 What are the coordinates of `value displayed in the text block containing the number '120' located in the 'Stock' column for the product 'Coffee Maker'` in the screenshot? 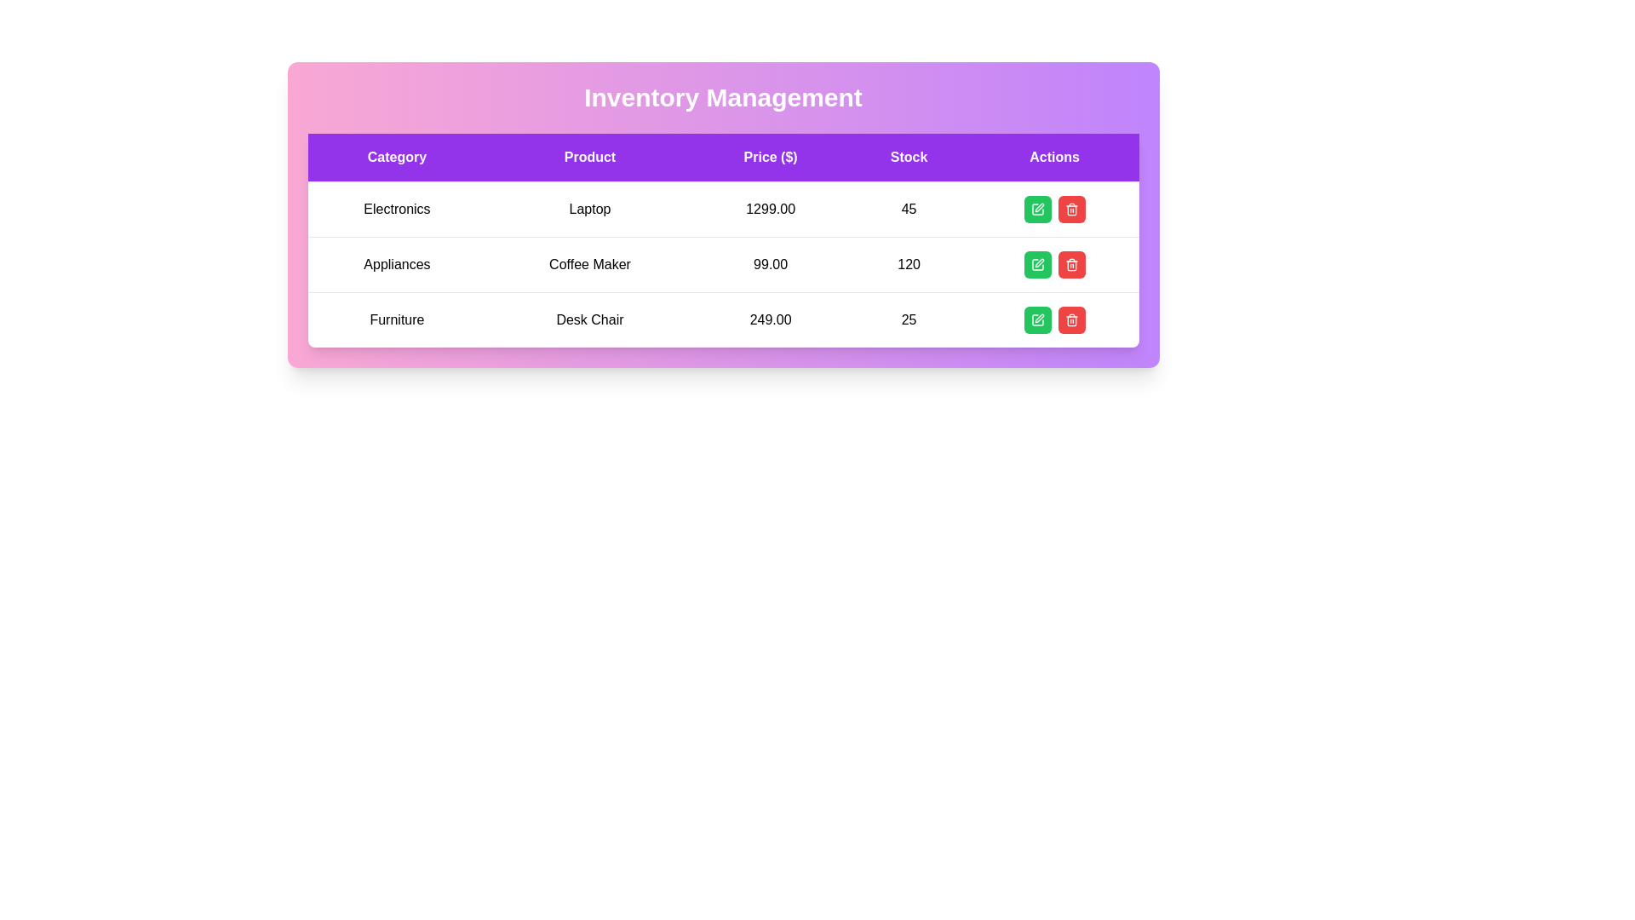 It's located at (908, 265).